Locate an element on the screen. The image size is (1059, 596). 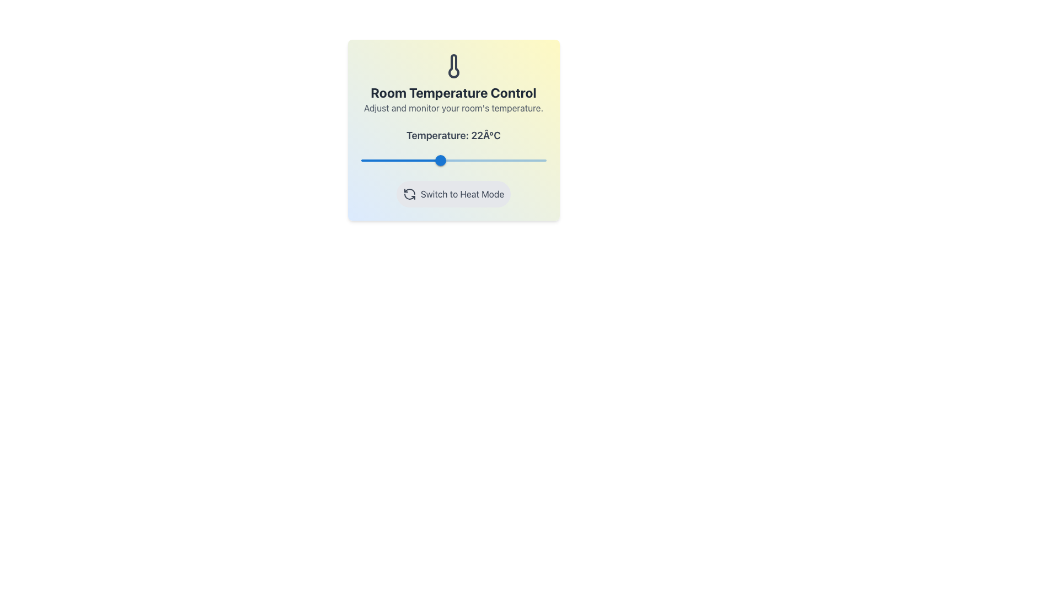
the temperature is located at coordinates (527, 160).